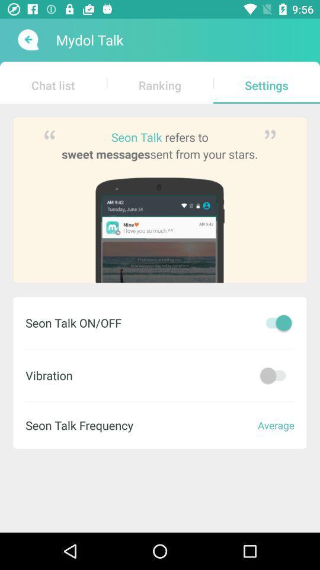  I want to click on on\off seon talk, so click(276, 322).